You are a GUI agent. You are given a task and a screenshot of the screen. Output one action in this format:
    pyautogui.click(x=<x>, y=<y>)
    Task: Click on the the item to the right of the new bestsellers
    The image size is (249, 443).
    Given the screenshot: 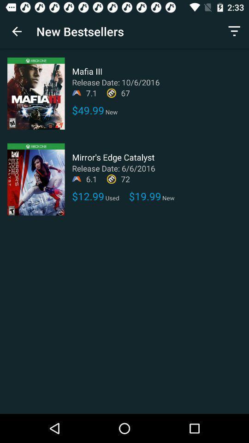 What is the action you would take?
    pyautogui.click(x=234, y=31)
    